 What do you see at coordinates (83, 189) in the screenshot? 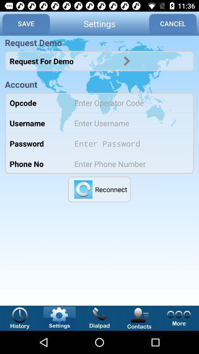
I see `the refresh icon` at bounding box center [83, 189].